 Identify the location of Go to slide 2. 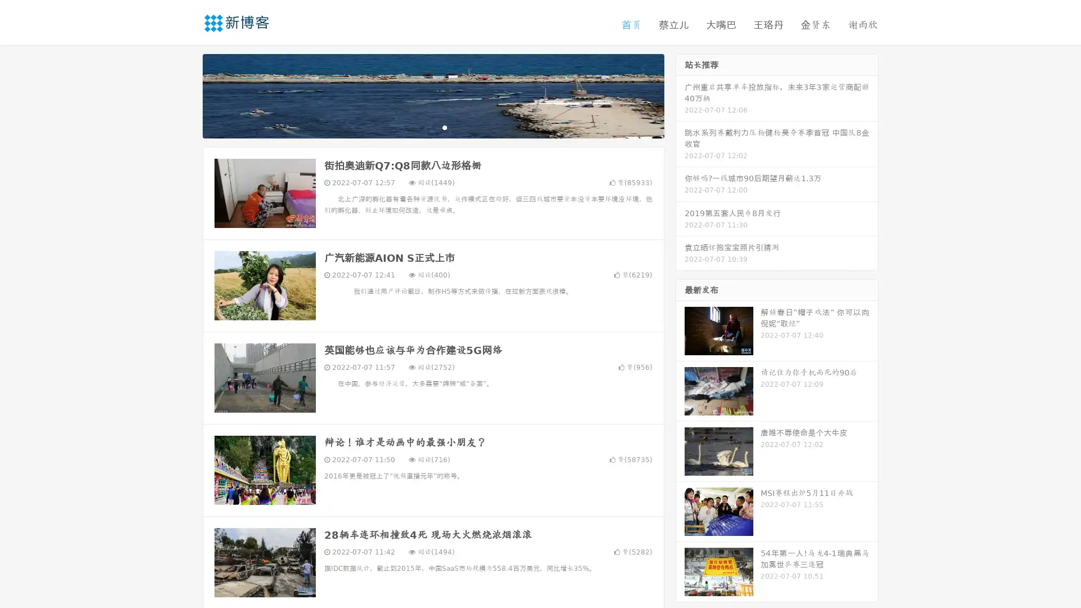
(432, 127).